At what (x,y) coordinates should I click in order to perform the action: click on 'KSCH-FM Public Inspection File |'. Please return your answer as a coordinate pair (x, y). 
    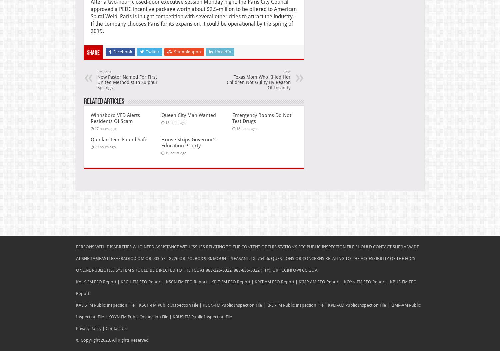
    Looking at the image, I should click on (170, 304).